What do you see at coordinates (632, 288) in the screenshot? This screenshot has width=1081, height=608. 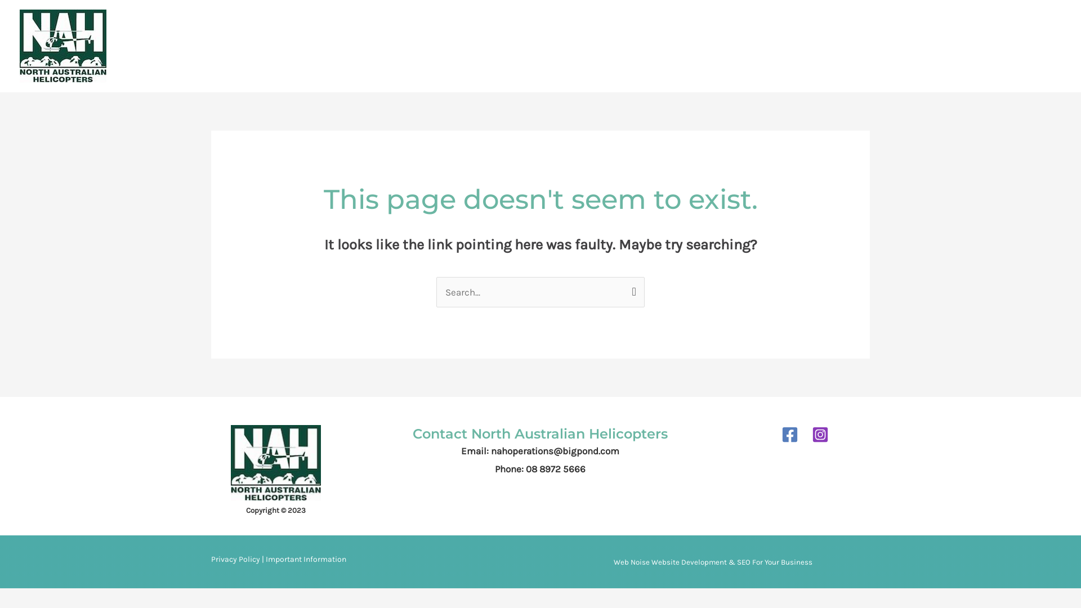 I see `'Search'` at bounding box center [632, 288].